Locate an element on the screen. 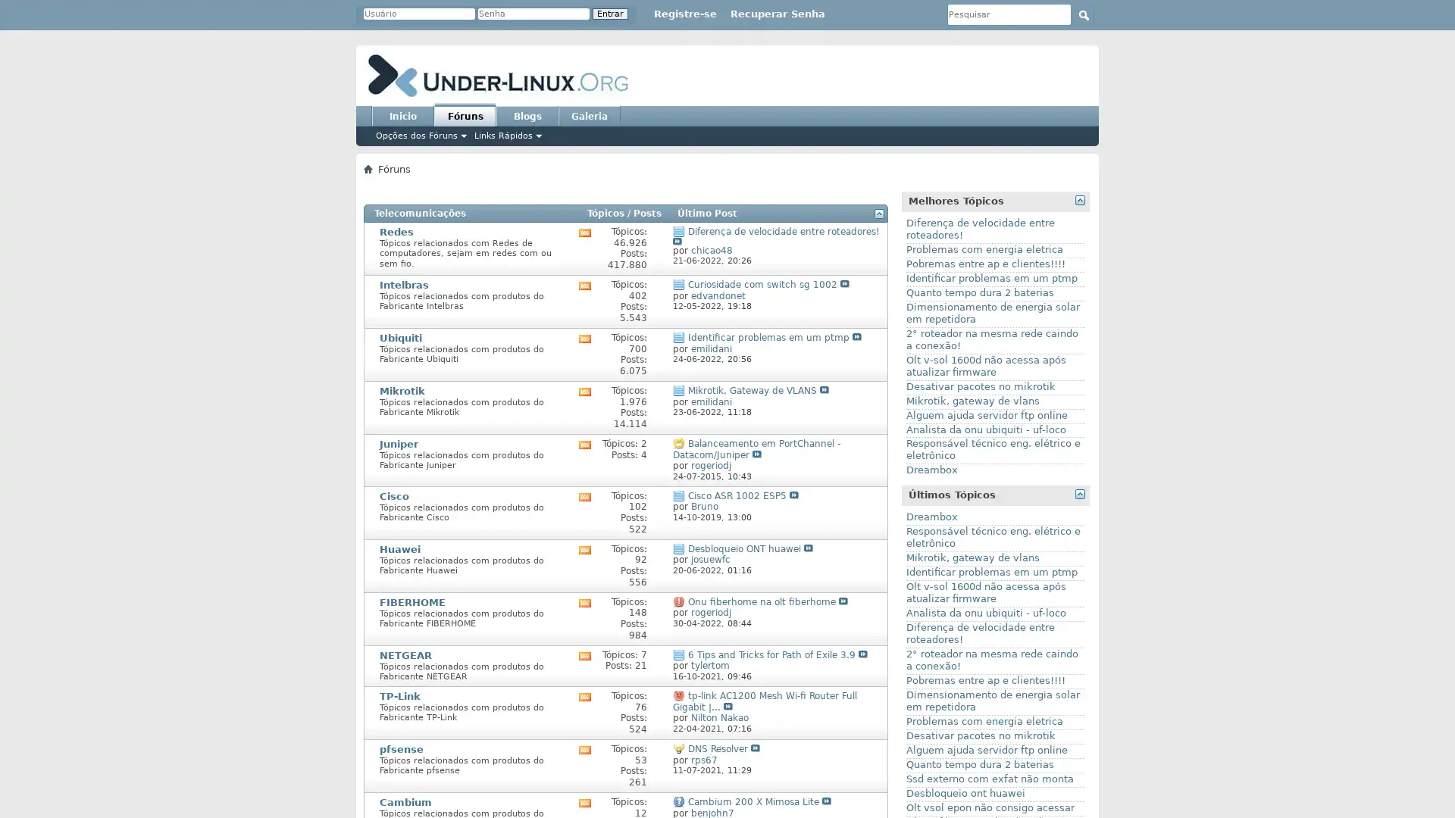  Entrar is located at coordinates (610, 14).